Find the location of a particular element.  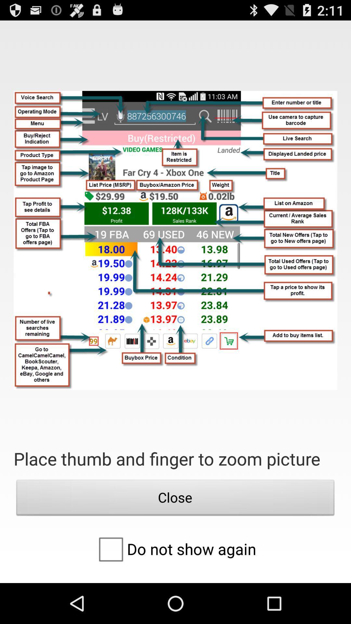

close icon is located at coordinates (175, 499).